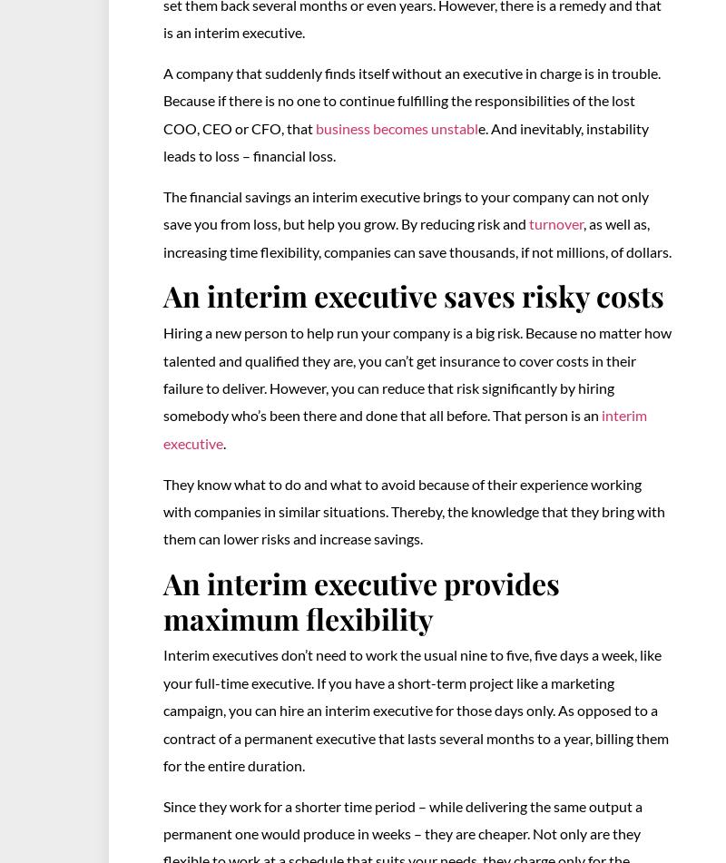 Image resolution: width=726 pixels, height=863 pixels. I want to click on 'A company that suddenly finds itself without an executive in charge is in trouble. Because if there is no one to continue fulfilling the responsibilities of the lost COO, CEO or CFO, that', so click(411, 100).